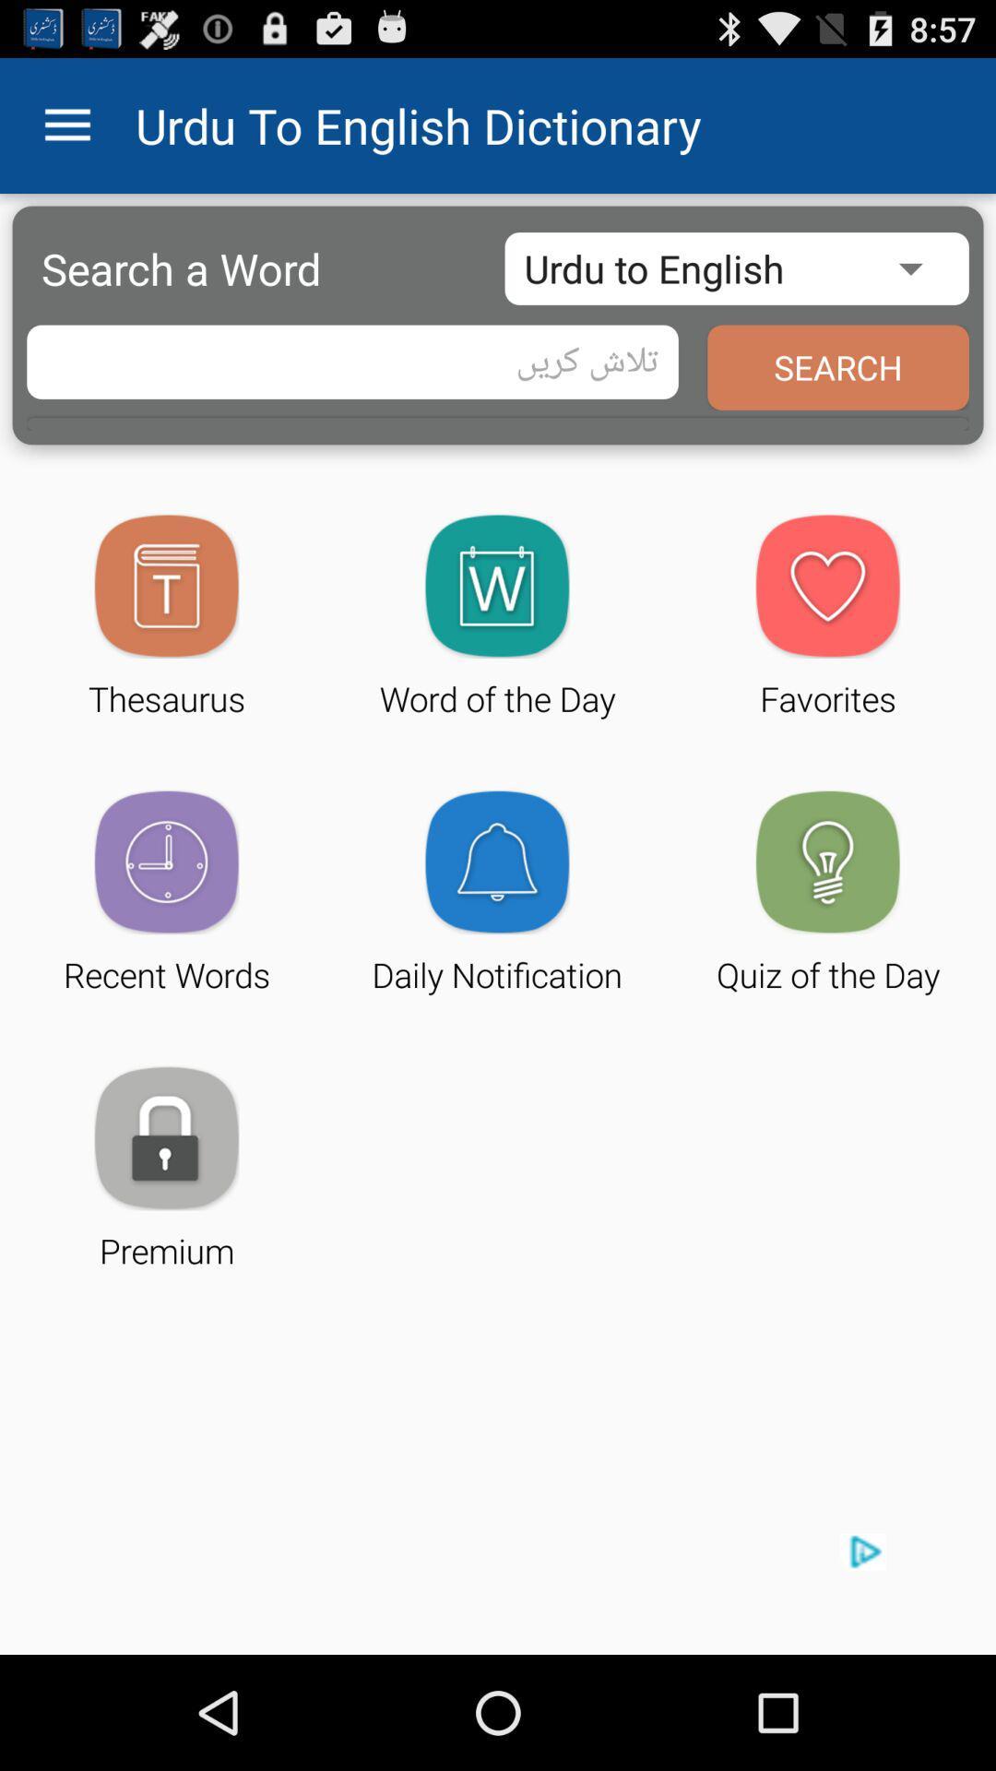 This screenshot has height=1771, width=996. Describe the element at coordinates (167, 585) in the screenshot. I see `the icon above the text thesaurus` at that location.